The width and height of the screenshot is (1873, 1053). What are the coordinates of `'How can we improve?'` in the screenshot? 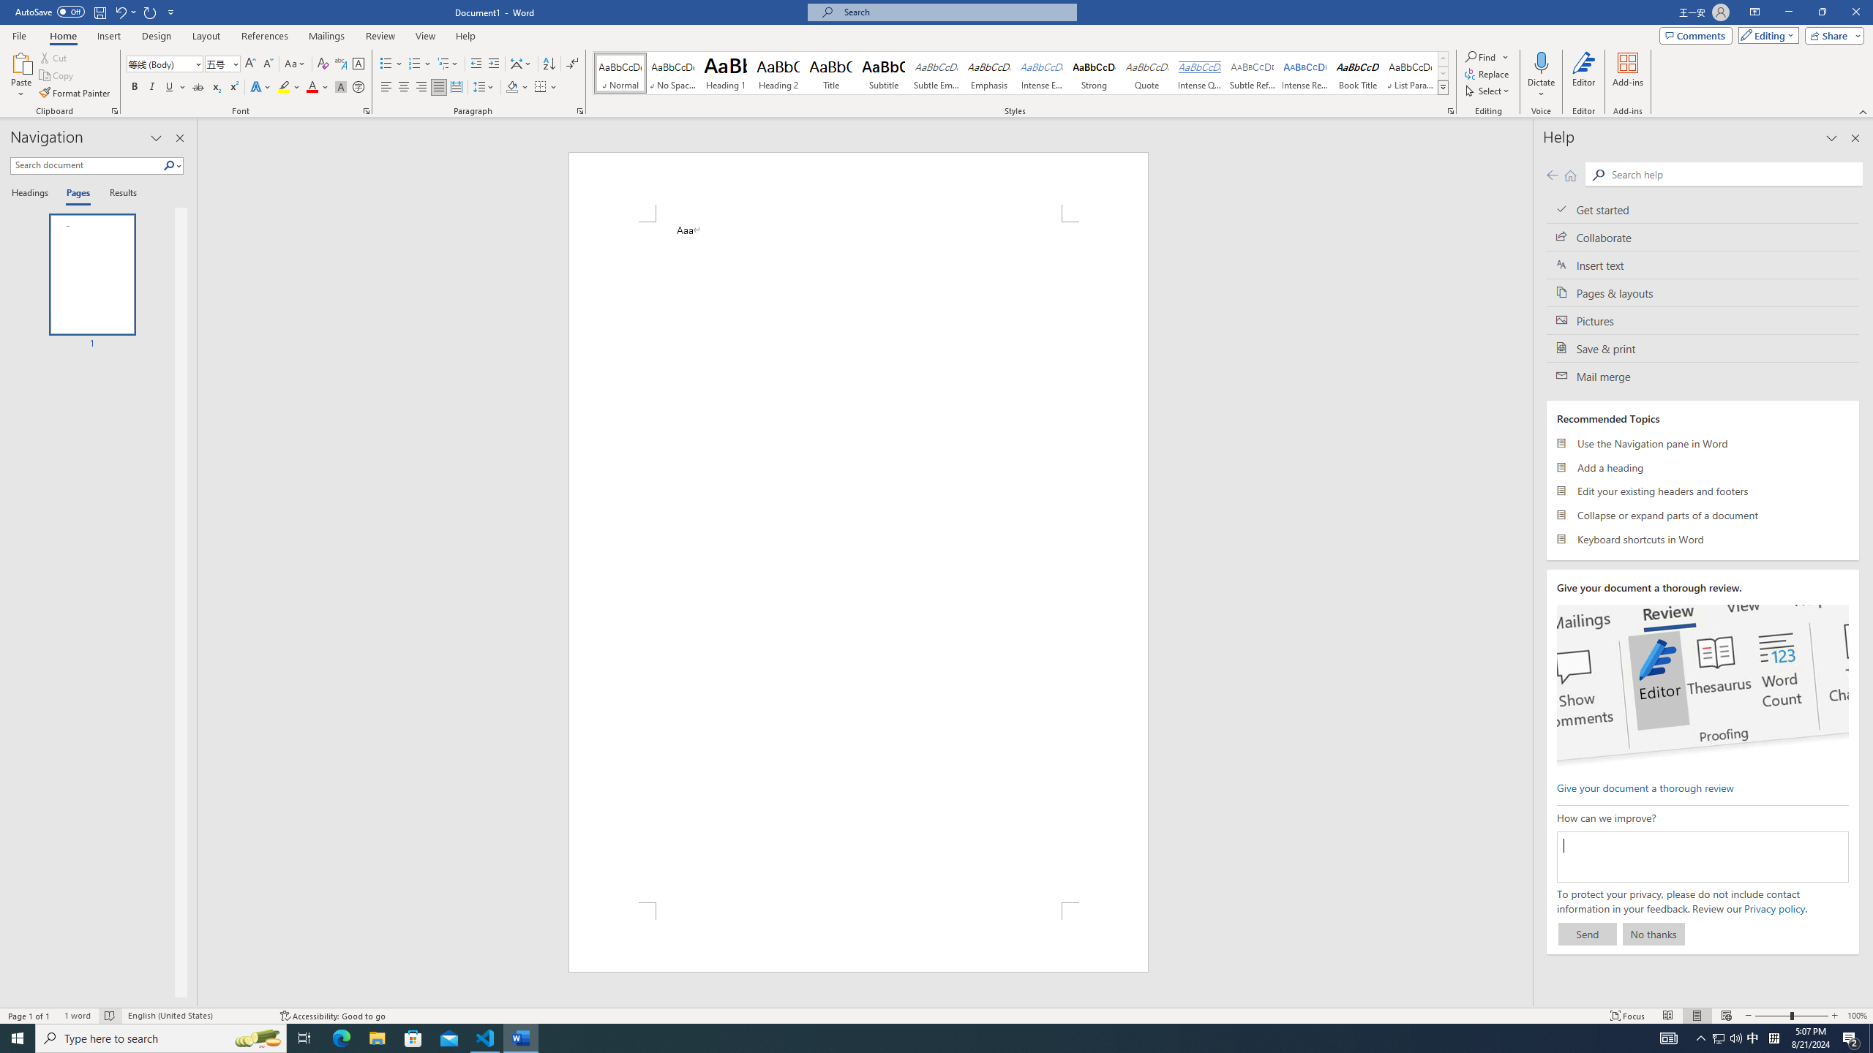 It's located at (1703, 856).